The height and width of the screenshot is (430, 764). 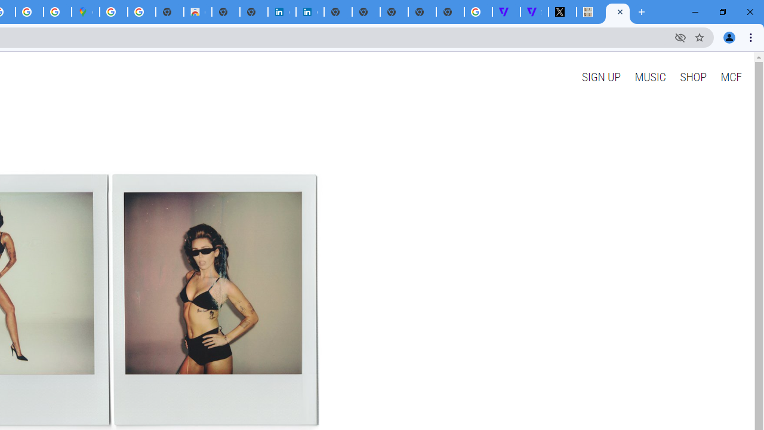 What do you see at coordinates (534, 12) in the screenshot?
I see `'Streaming - The Verge'` at bounding box center [534, 12].